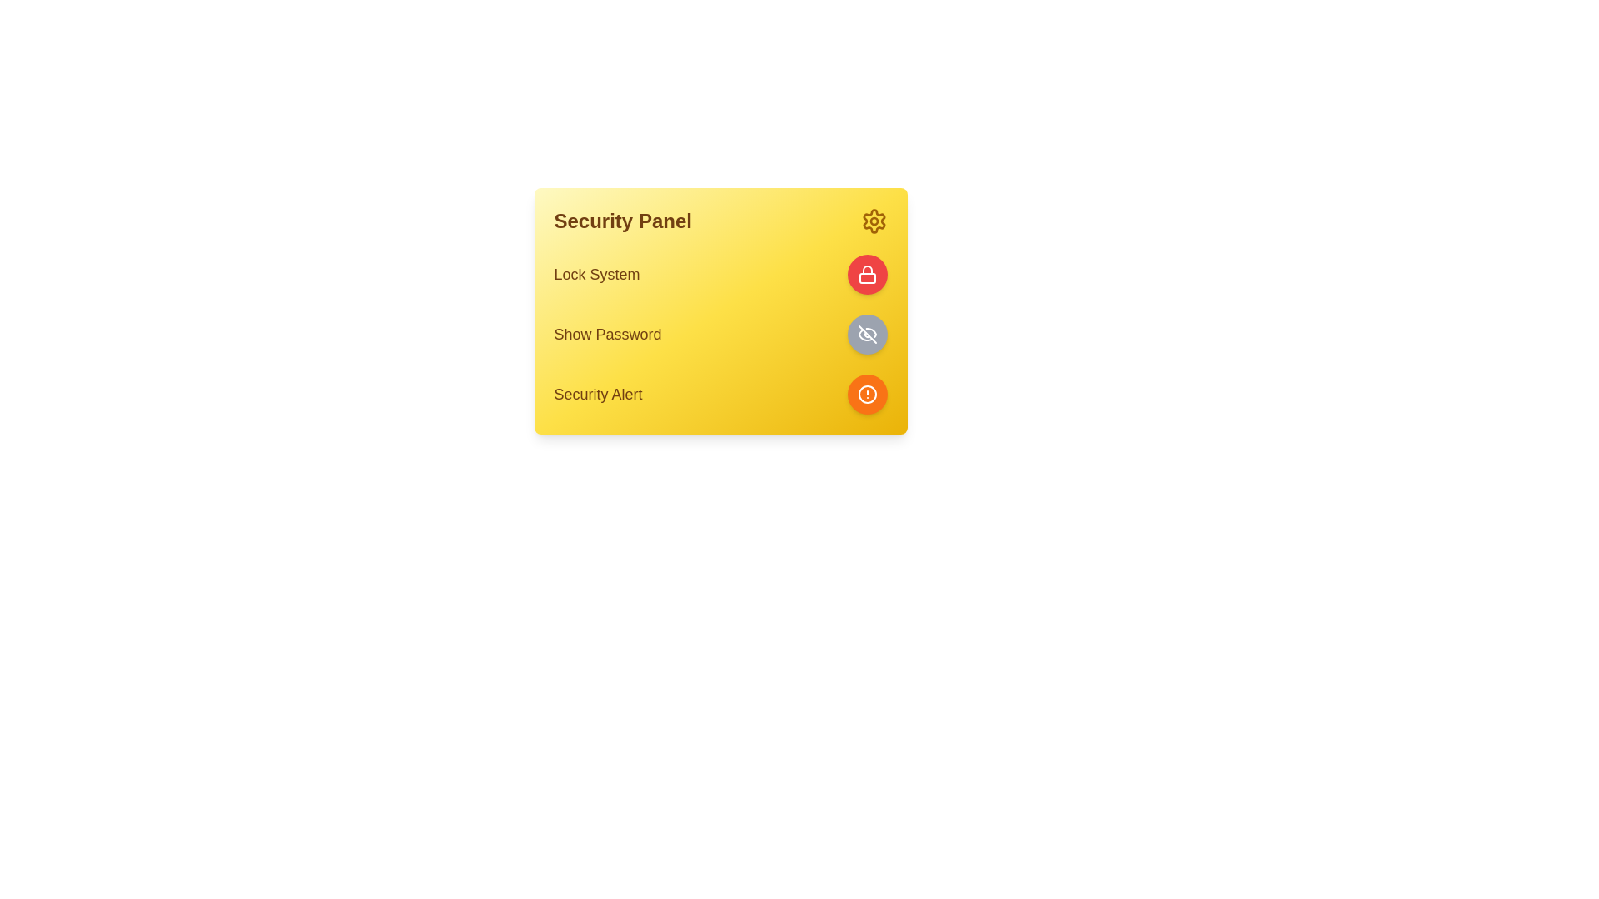 This screenshot has height=899, width=1599. What do you see at coordinates (873, 221) in the screenshot?
I see `the gear-shaped settings icon located at the top-right corner of the yellow 'Security Panel'` at bounding box center [873, 221].